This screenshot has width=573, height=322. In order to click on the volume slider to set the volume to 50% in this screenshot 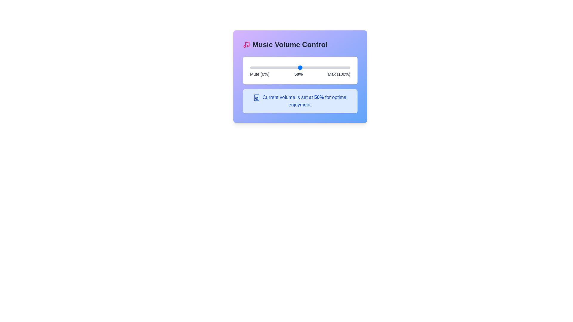, I will do `click(300, 67)`.